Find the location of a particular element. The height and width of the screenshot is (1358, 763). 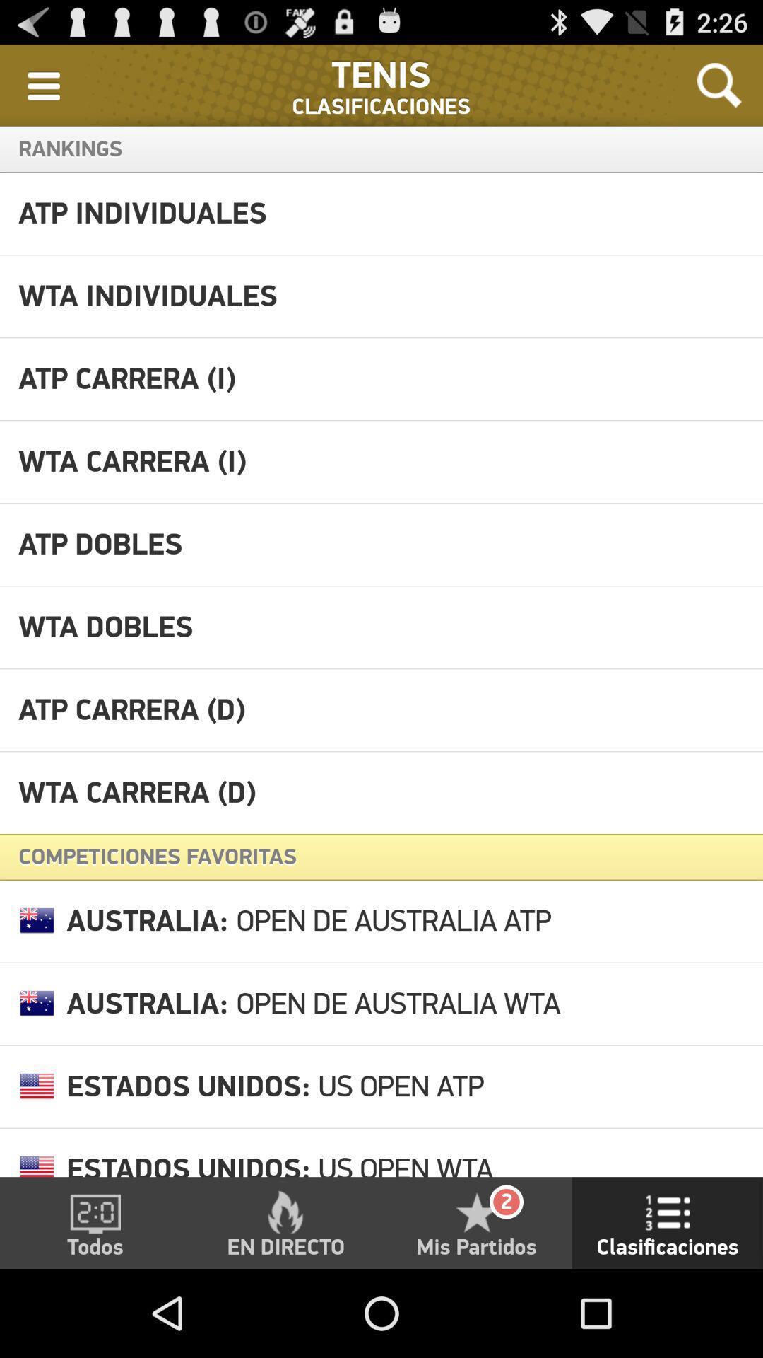

icon to the left of the clasificaciones is located at coordinates (42, 84).